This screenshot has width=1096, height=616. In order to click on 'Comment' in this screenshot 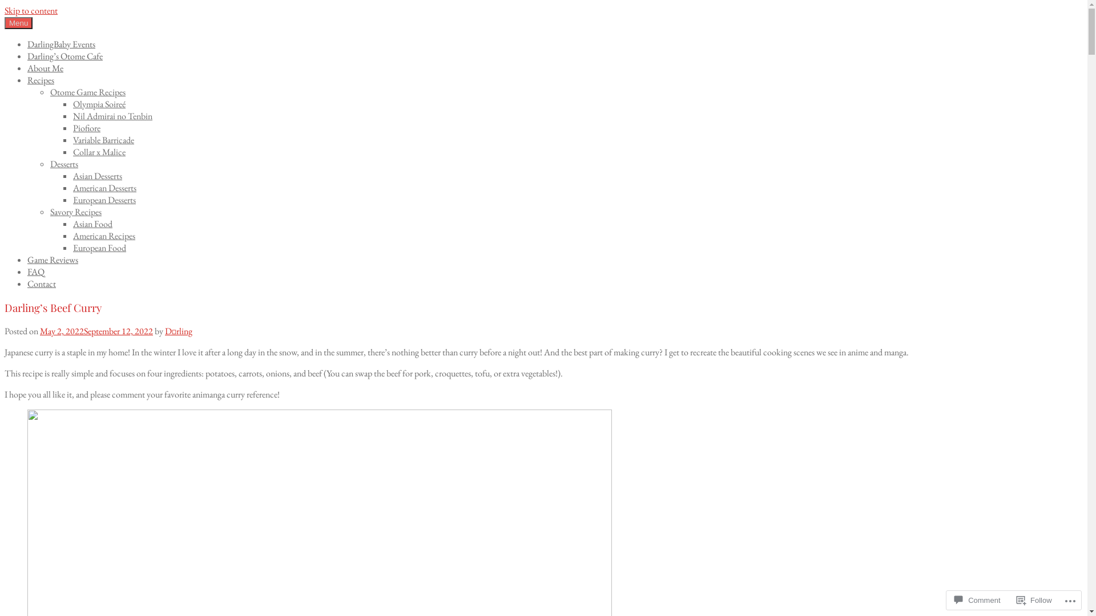, I will do `click(977, 599)`.